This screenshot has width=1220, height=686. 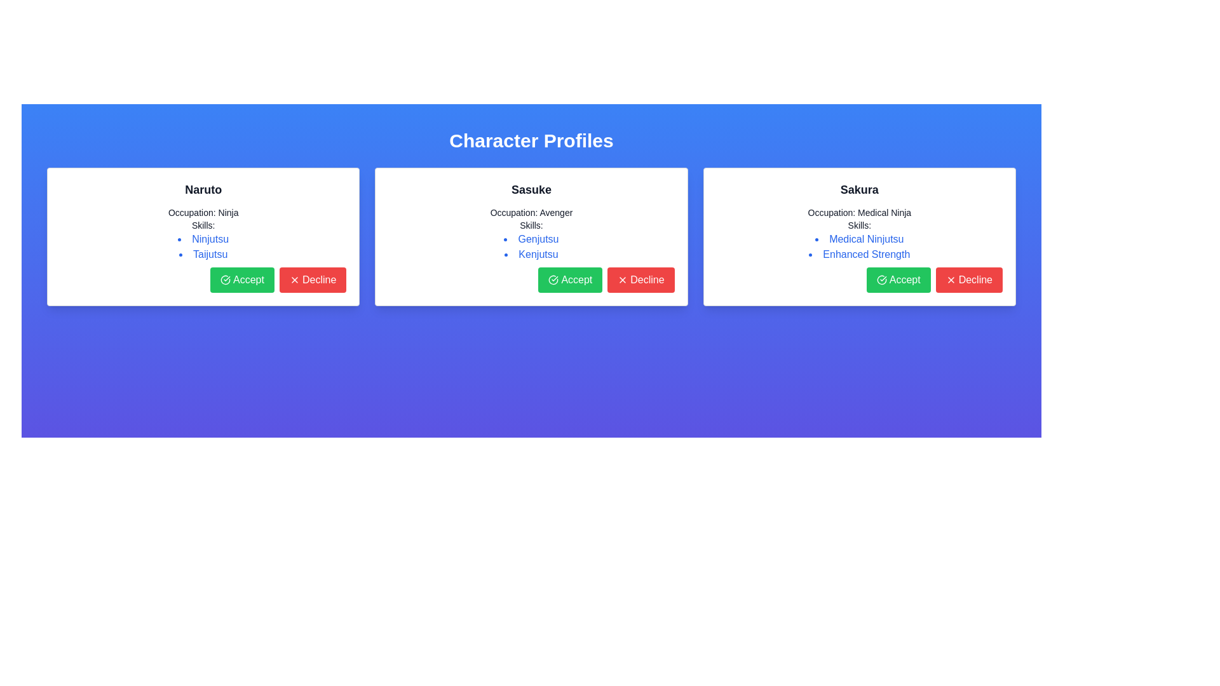 What do you see at coordinates (531, 255) in the screenshot?
I see `the text item displaying 'Kenjutsu' in blue, which is the second item in the bulleted list of skills within Sasuke's profile card` at bounding box center [531, 255].